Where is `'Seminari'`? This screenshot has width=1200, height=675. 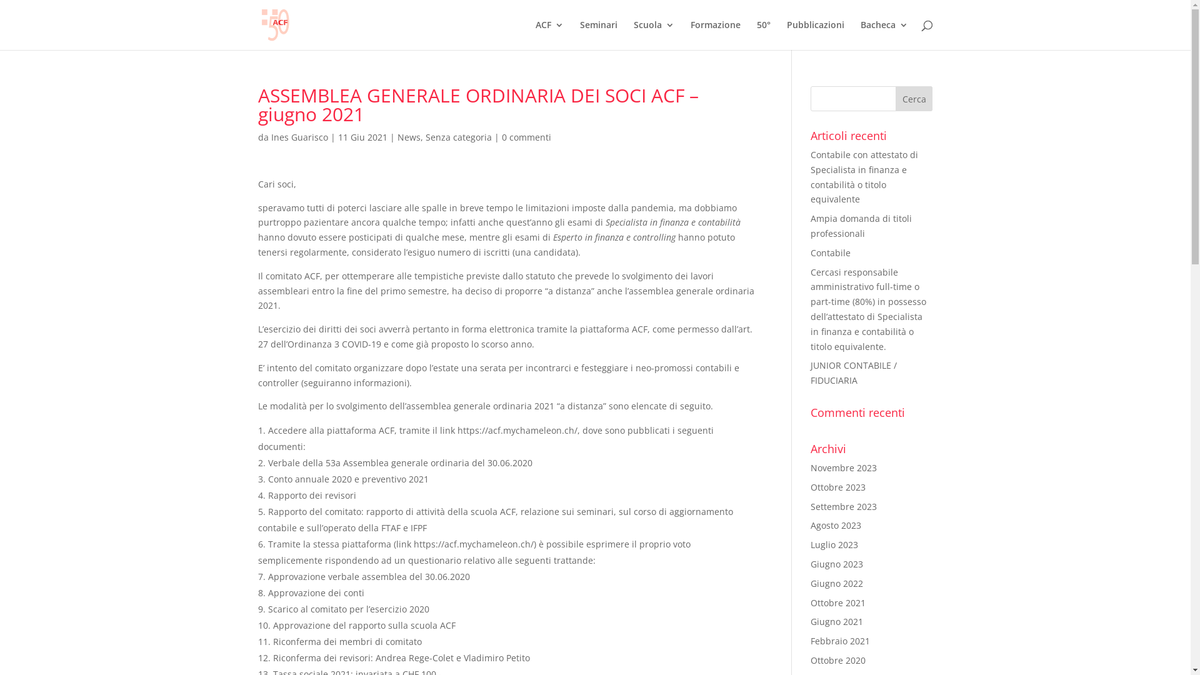 'Seminari' is located at coordinates (598, 34).